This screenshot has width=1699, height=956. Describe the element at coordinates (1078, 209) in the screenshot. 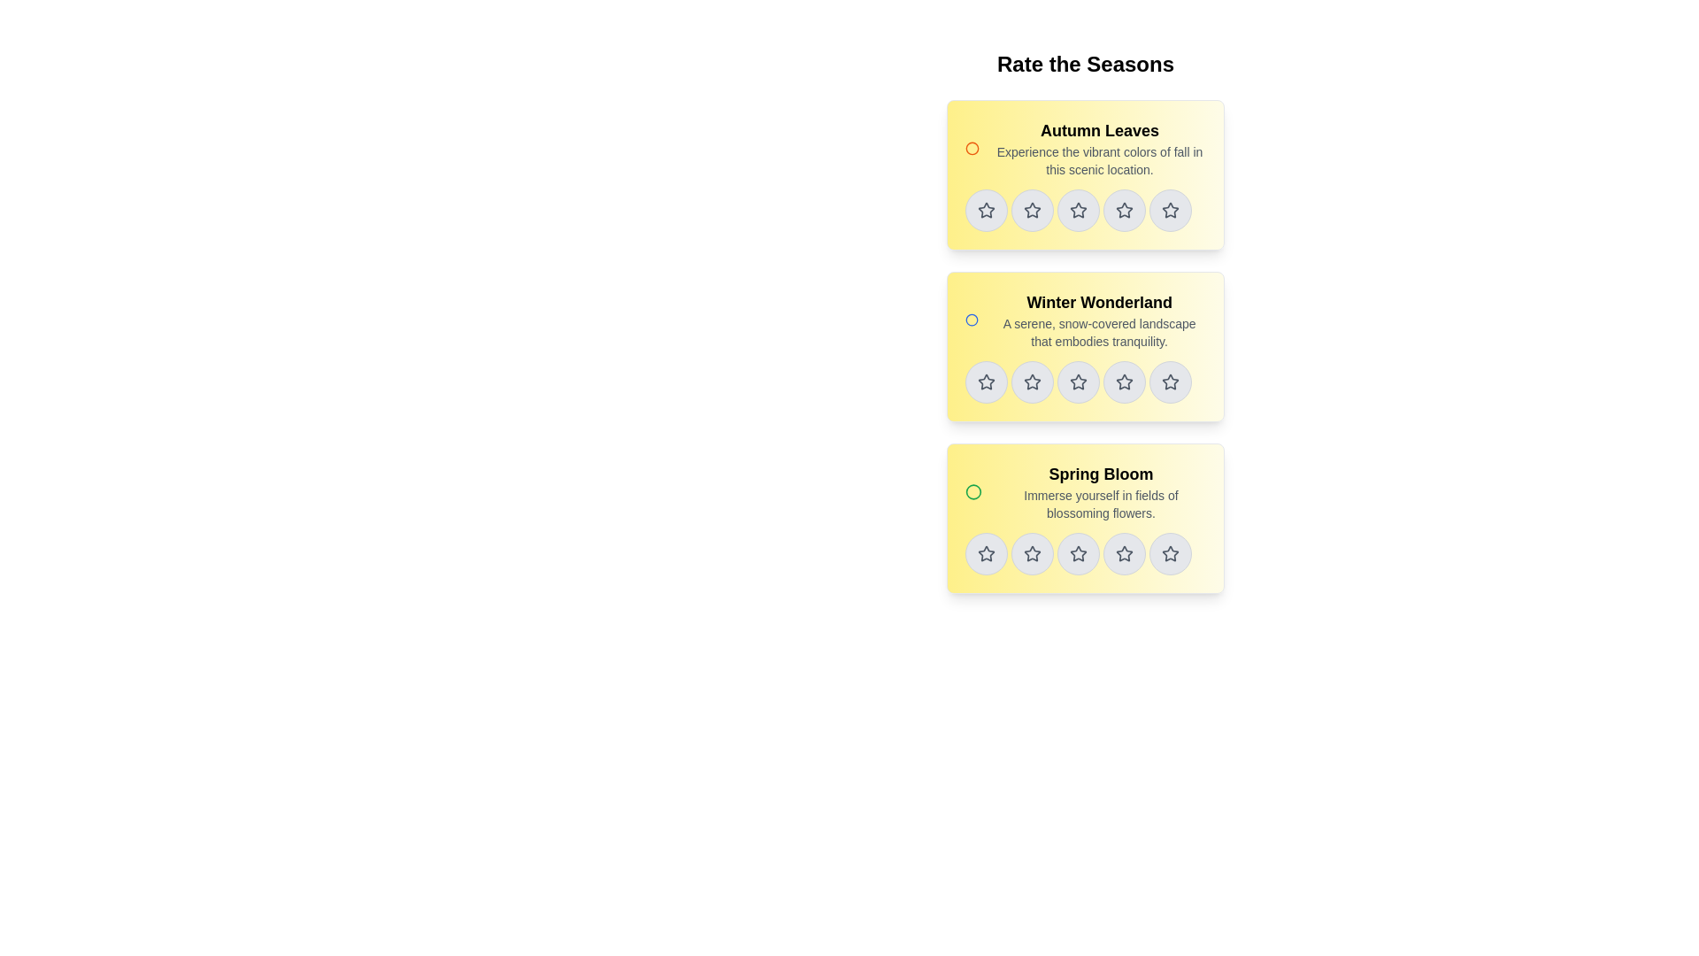

I see `the second star icon in the 'Autumn Leaves' rating section` at that location.